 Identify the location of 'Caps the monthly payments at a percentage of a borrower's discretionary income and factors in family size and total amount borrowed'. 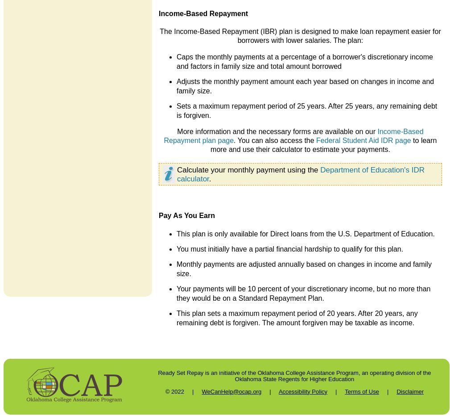
(304, 61).